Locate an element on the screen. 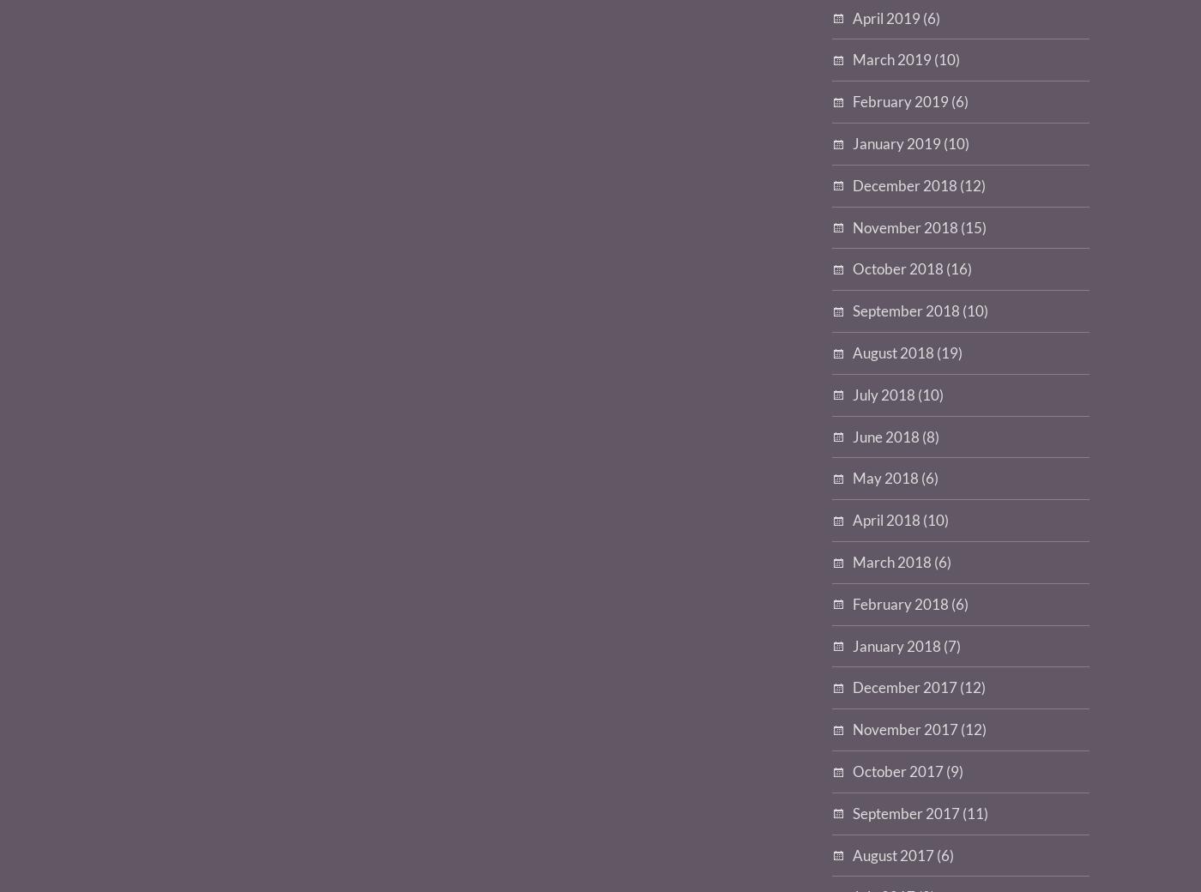 This screenshot has width=1201, height=892. 'February 2018' is located at coordinates (901, 603).